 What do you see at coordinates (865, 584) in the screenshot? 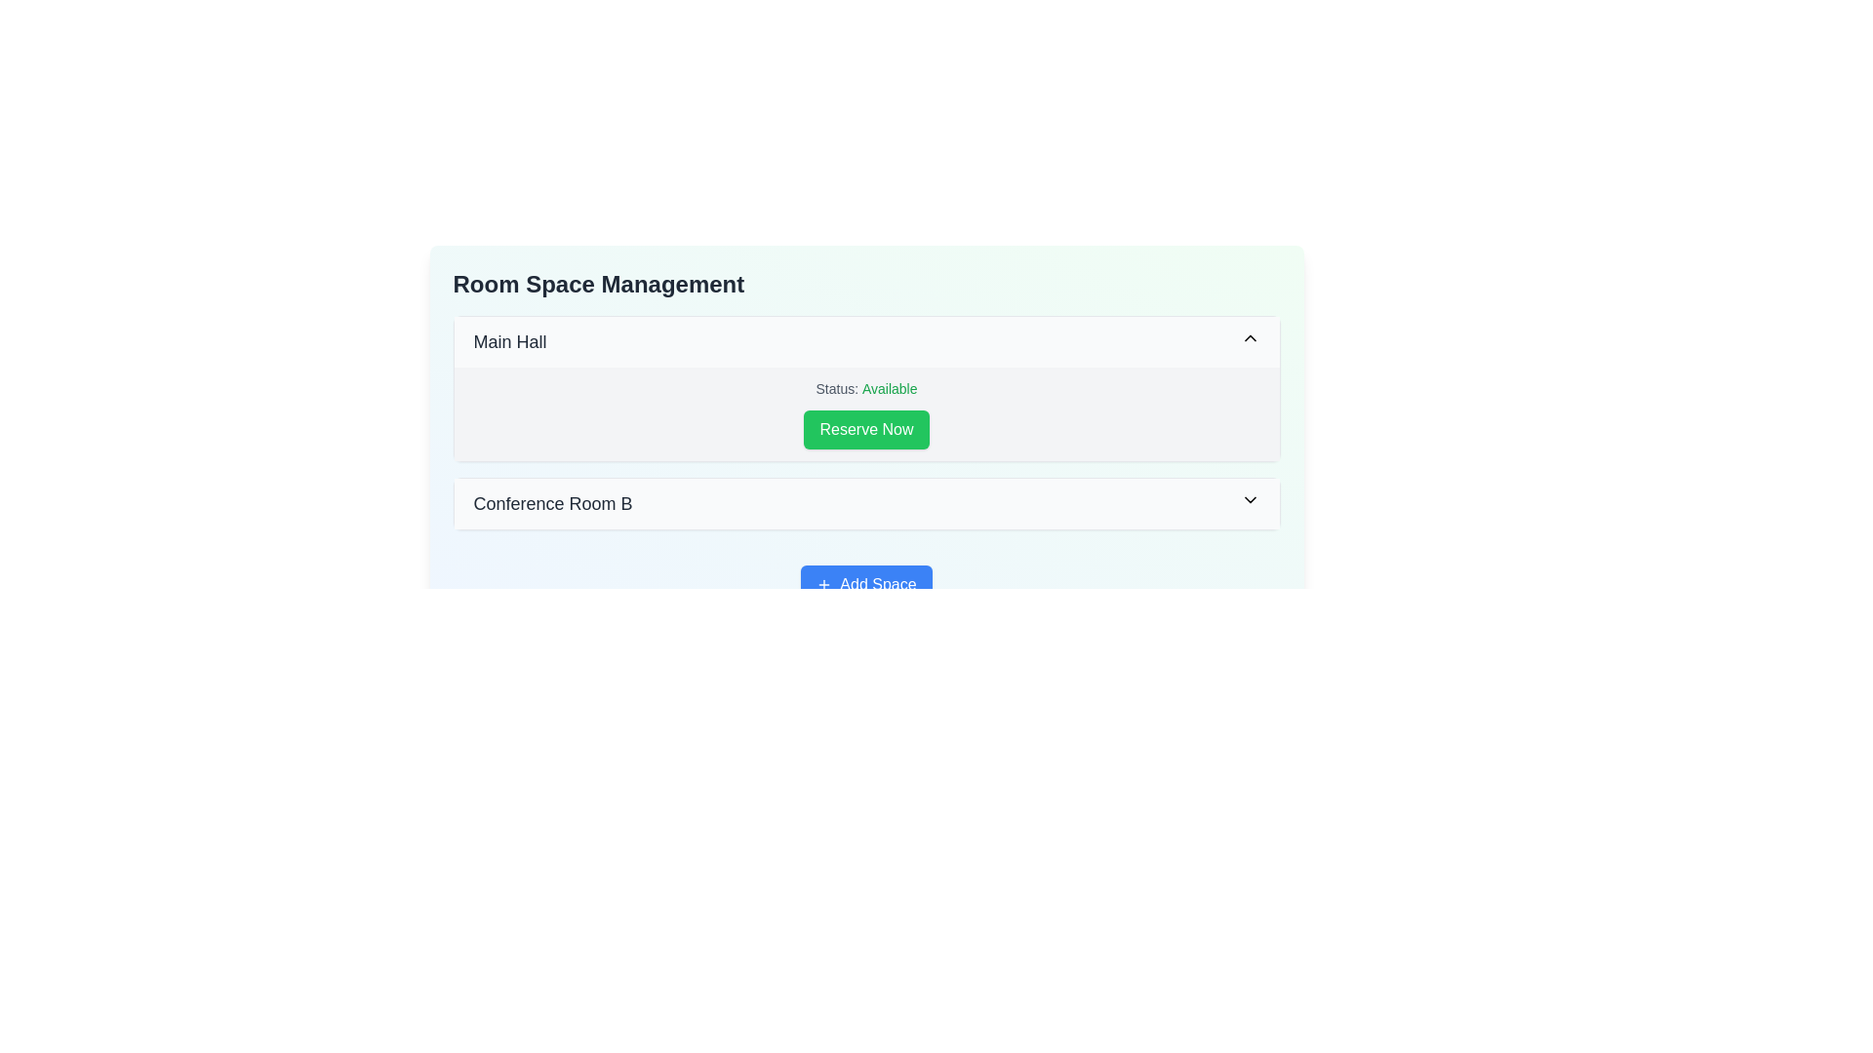
I see `the 'Add Space' button, which is a rectangular button with a vibrant blue background and white text, located beneath the 'Conference Room B' section` at bounding box center [865, 584].